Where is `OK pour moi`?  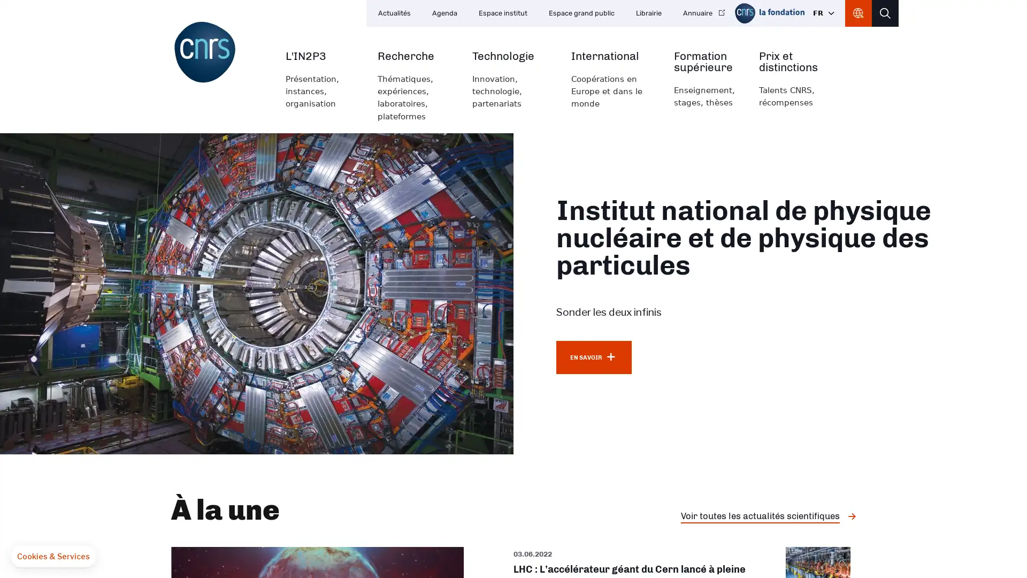
OK pour moi is located at coordinates (197, 523).